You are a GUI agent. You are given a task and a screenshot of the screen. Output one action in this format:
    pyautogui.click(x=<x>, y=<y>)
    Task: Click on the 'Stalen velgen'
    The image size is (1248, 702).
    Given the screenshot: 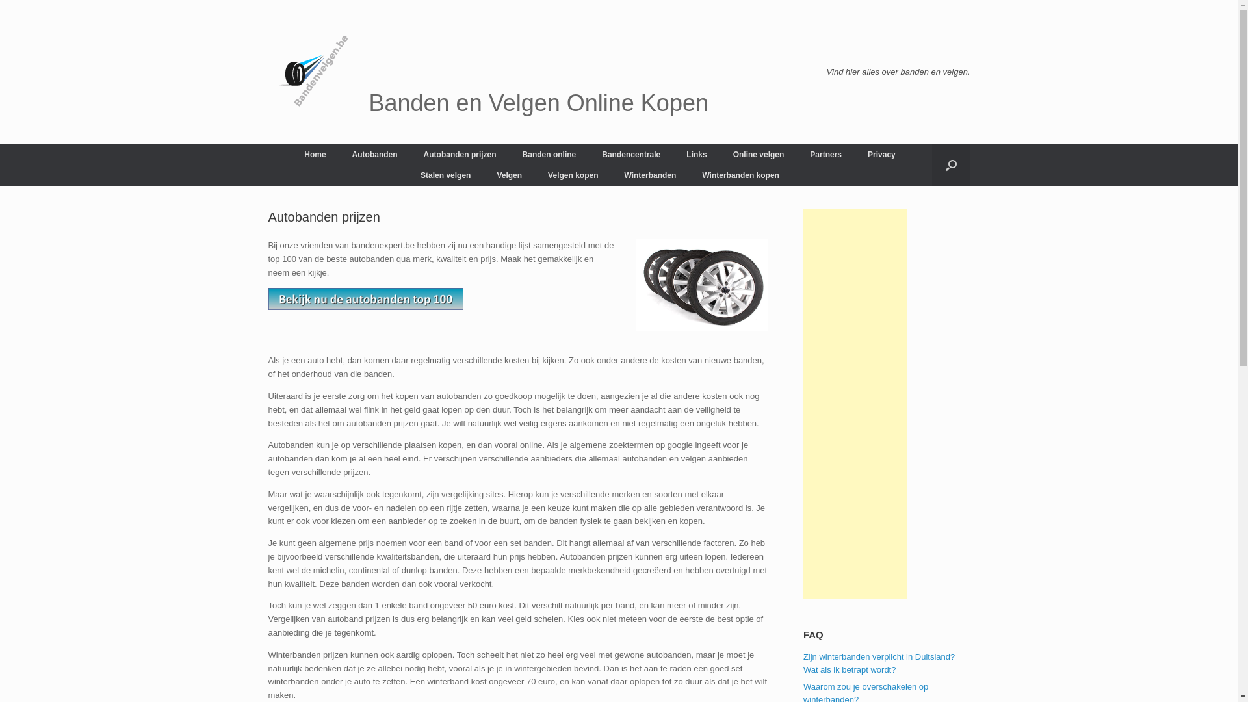 What is the action you would take?
    pyautogui.click(x=445, y=175)
    